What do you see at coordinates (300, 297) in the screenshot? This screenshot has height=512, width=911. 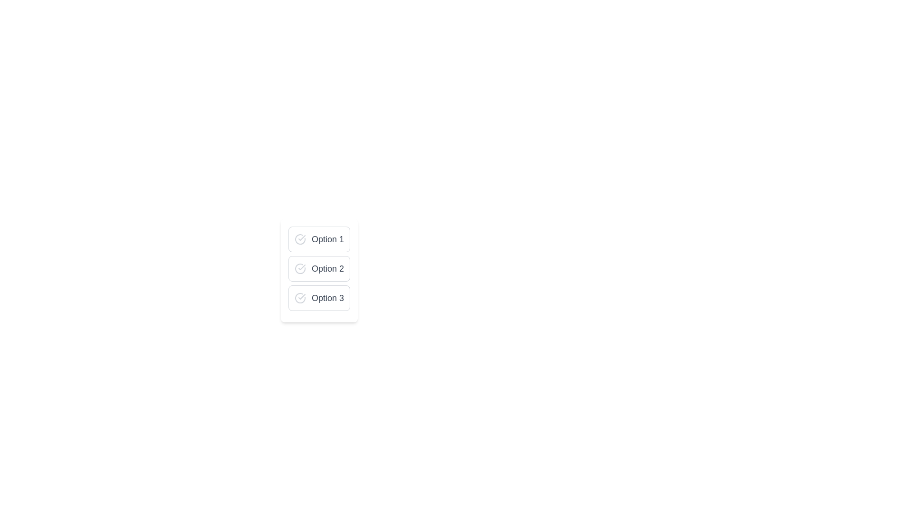 I see `the status indicator icon located to the left of the text labeled 'Option 3'` at bounding box center [300, 297].